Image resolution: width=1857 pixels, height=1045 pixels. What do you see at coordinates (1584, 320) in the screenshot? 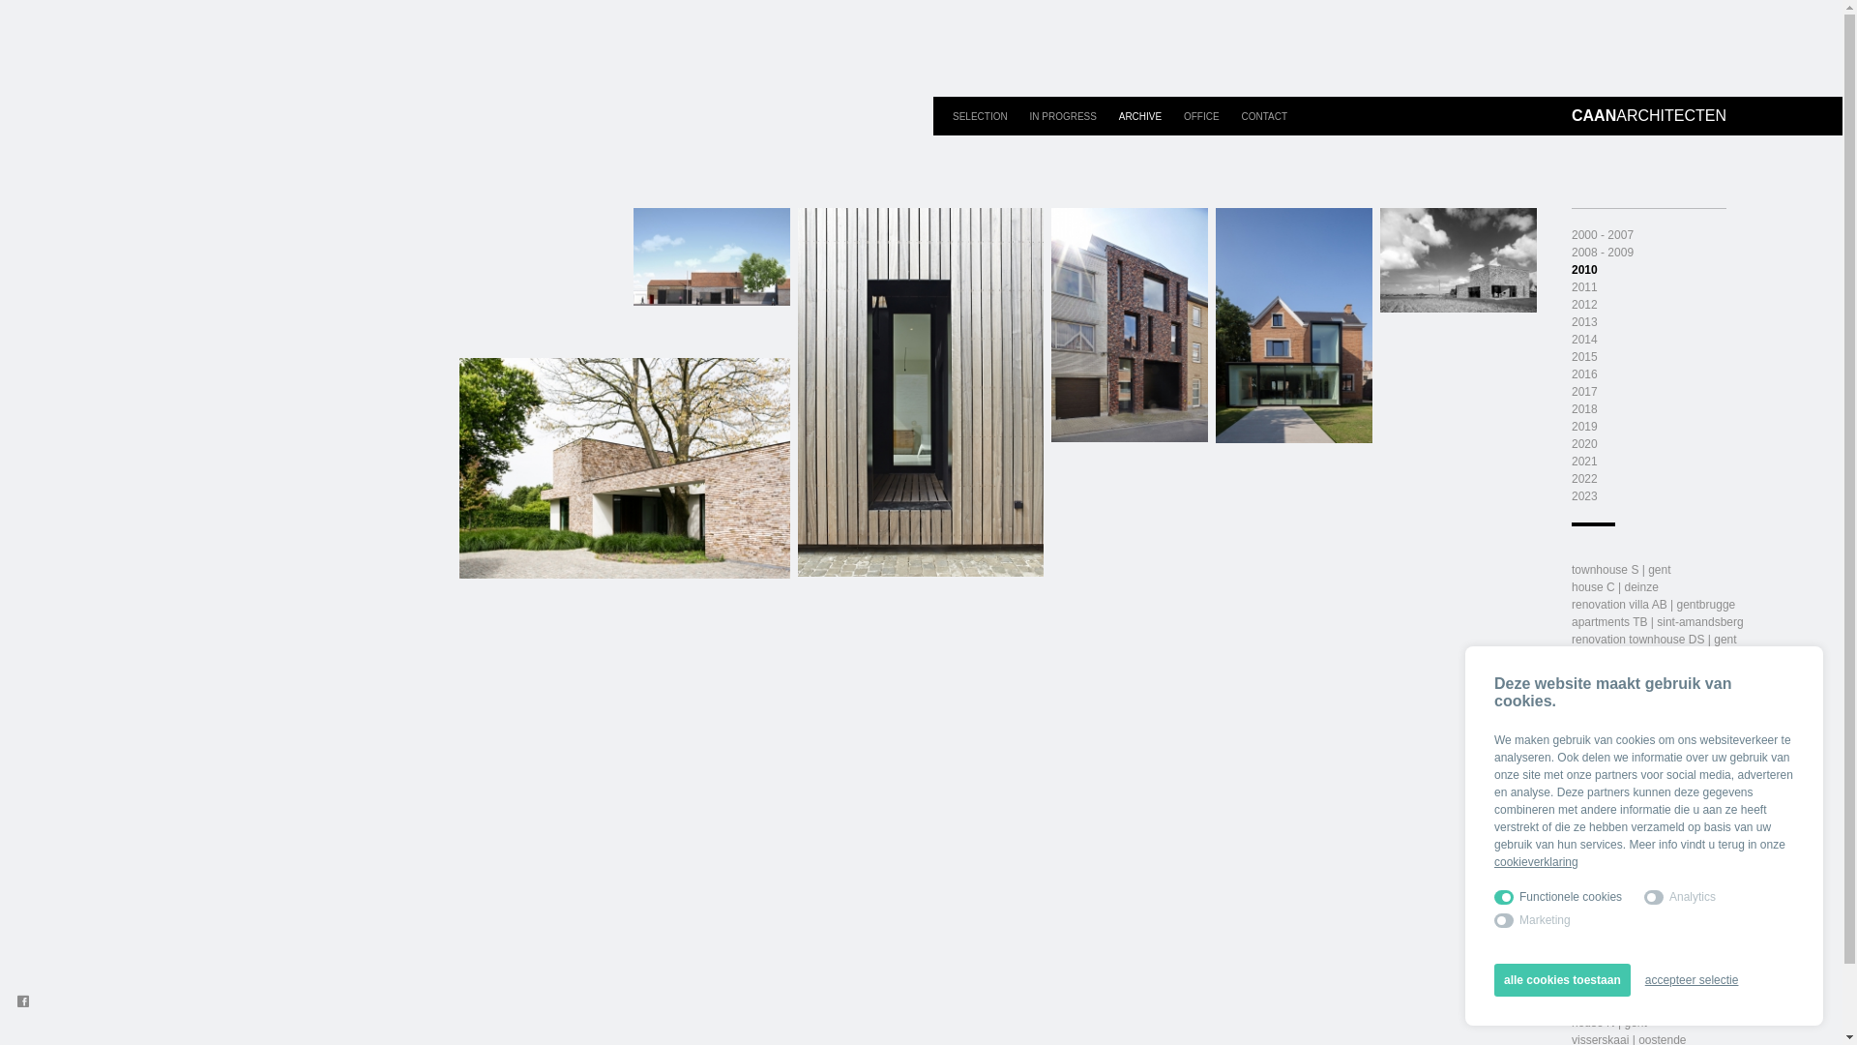
I see `'2013'` at bounding box center [1584, 320].